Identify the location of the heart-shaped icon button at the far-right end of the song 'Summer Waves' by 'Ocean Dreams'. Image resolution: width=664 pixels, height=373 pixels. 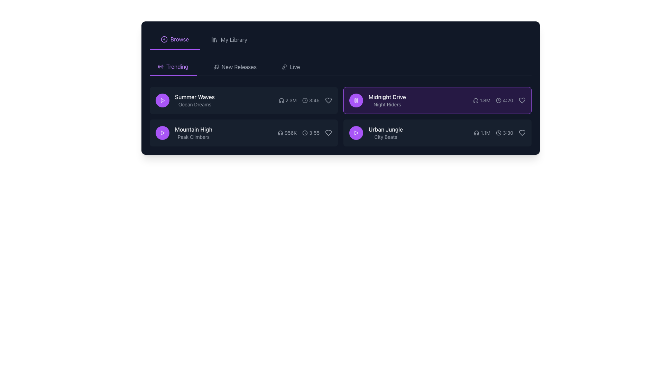
(328, 100).